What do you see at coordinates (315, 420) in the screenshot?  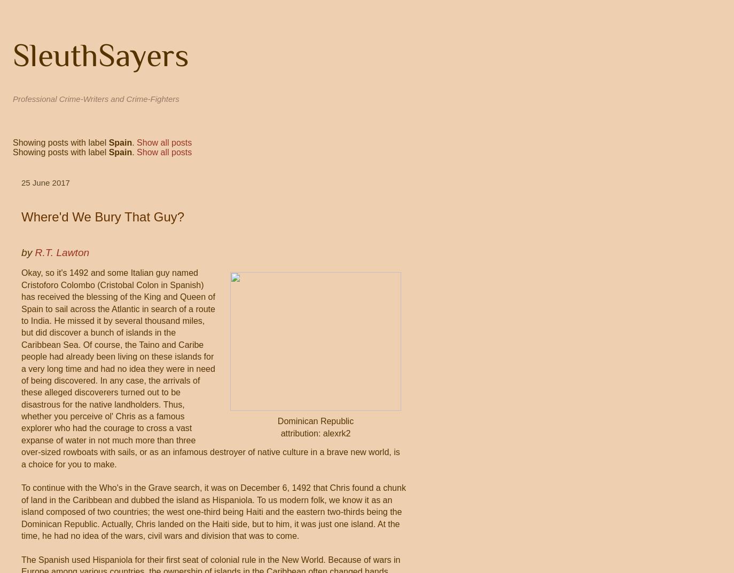 I see `'Dominican Republic'` at bounding box center [315, 420].